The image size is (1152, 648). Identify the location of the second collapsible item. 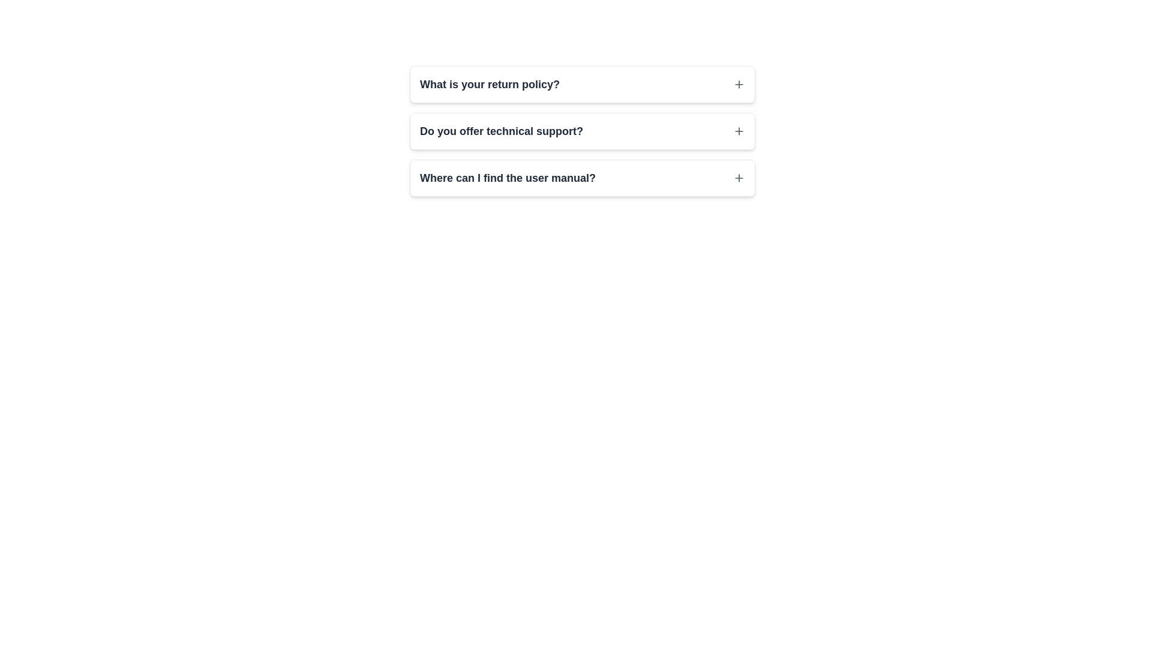
(582, 131).